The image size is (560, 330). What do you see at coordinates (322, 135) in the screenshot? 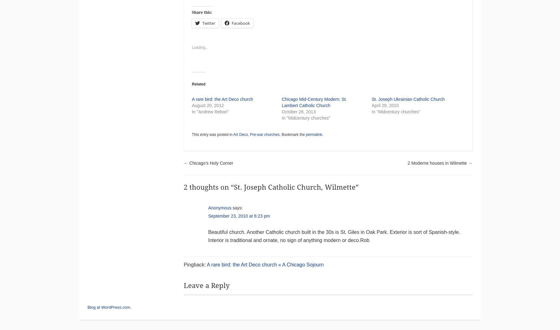
I see `'.'` at bounding box center [322, 135].